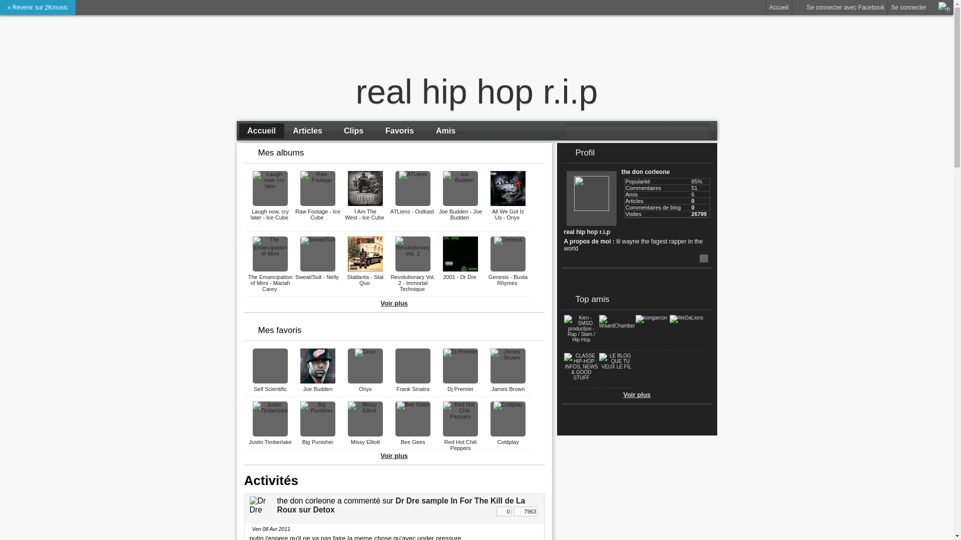 This screenshot has height=540, width=961. What do you see at coordinates (401, 505) in the screenshot?
I see `'Dr Dre sample In For The Kill de La Roux sur Detox'` at bounding box center [401, 505].